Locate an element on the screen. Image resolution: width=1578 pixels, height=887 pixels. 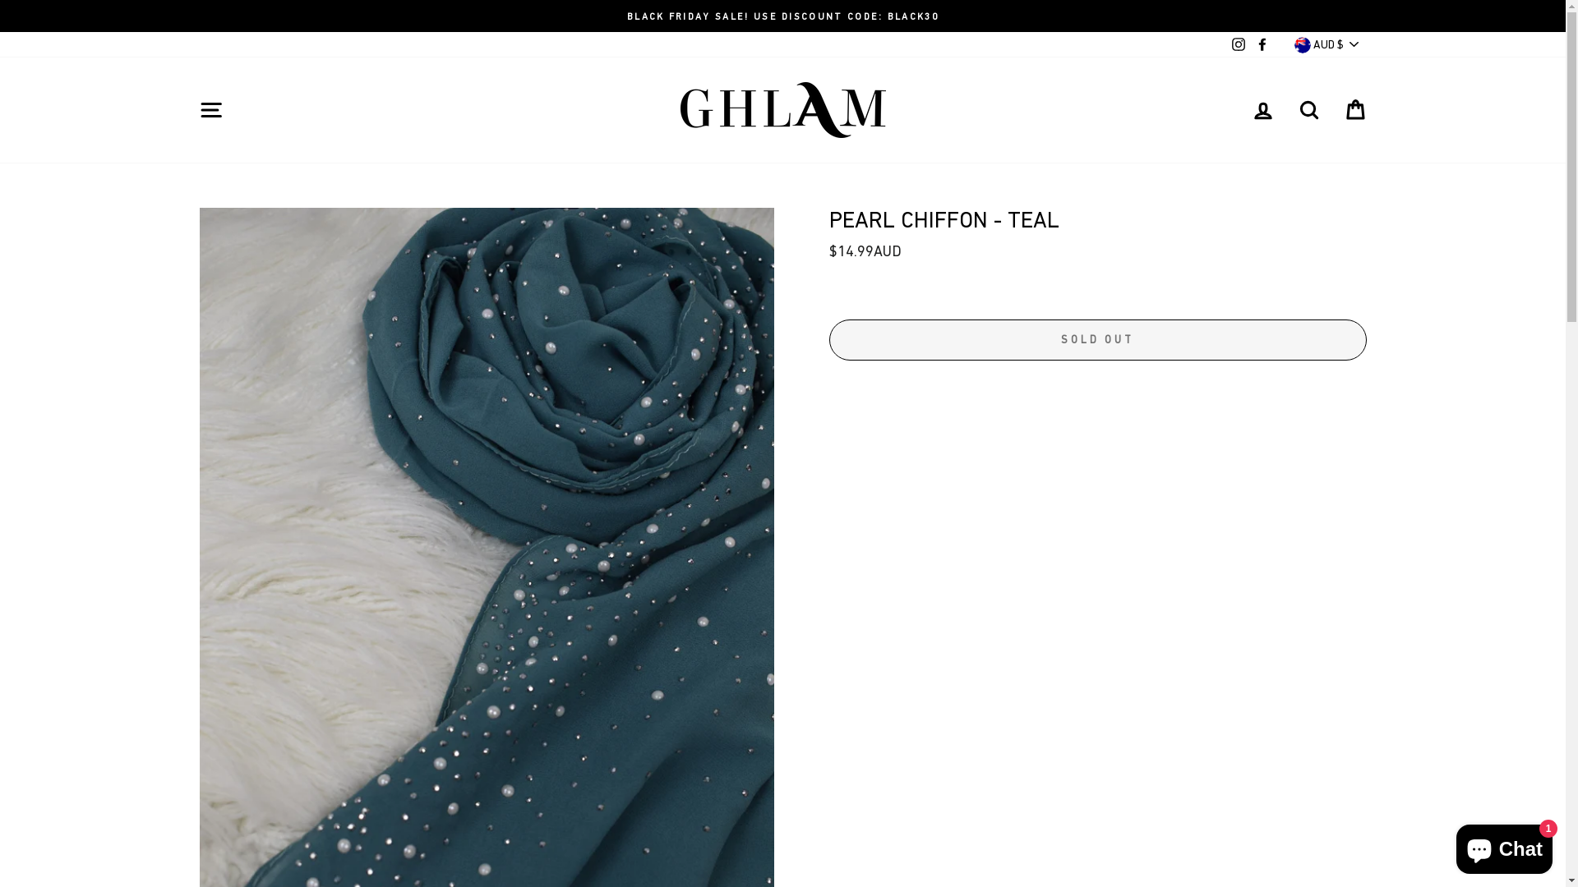
'SITE NAVIGATION' is located at coordinates (189, 109).